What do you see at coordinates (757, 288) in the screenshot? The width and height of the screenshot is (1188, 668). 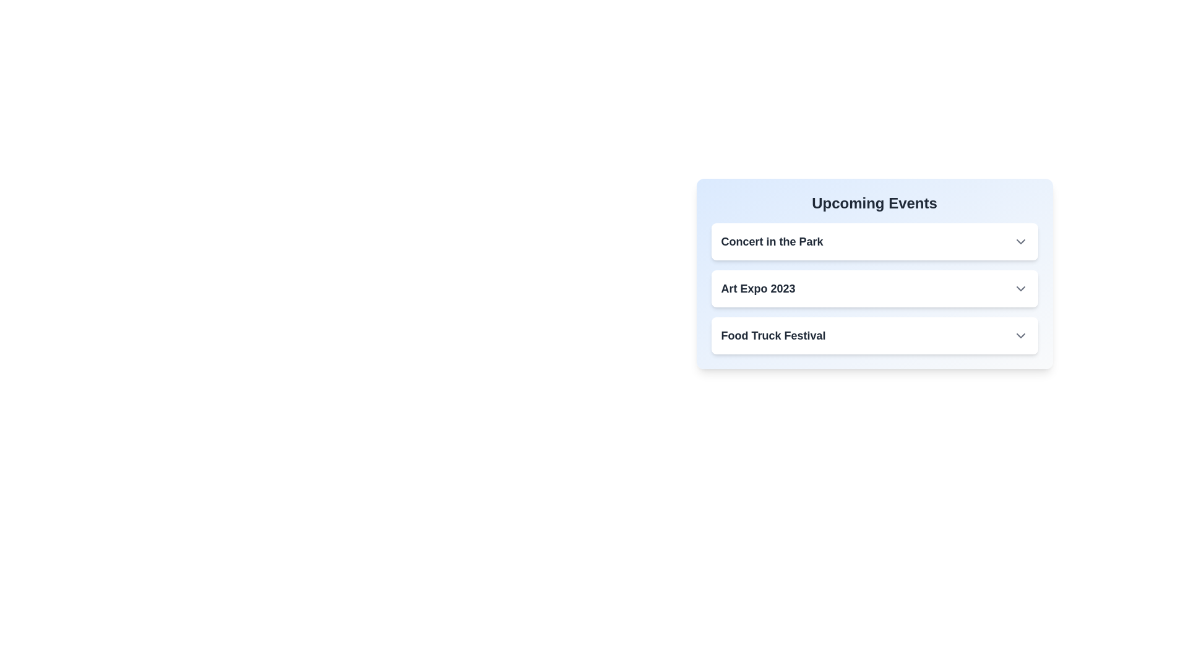 I see `the event title Art Expo 2023 to toggle its expanded state` at bounding box center [757, 288].